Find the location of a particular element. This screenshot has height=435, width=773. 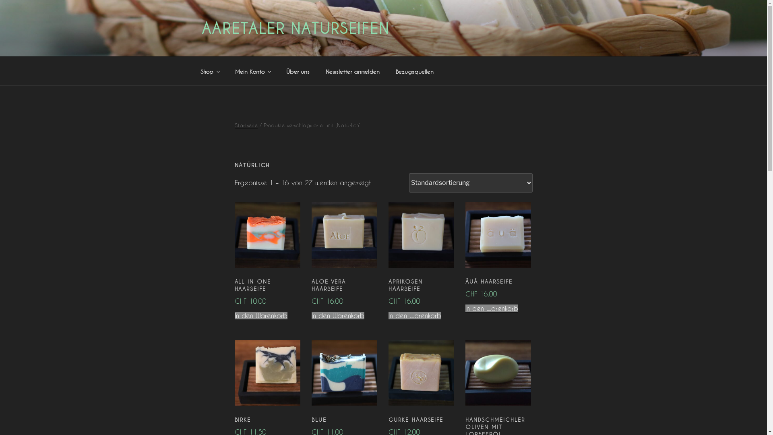

'In den Warenkorb' is located at coordinates (415, 315).